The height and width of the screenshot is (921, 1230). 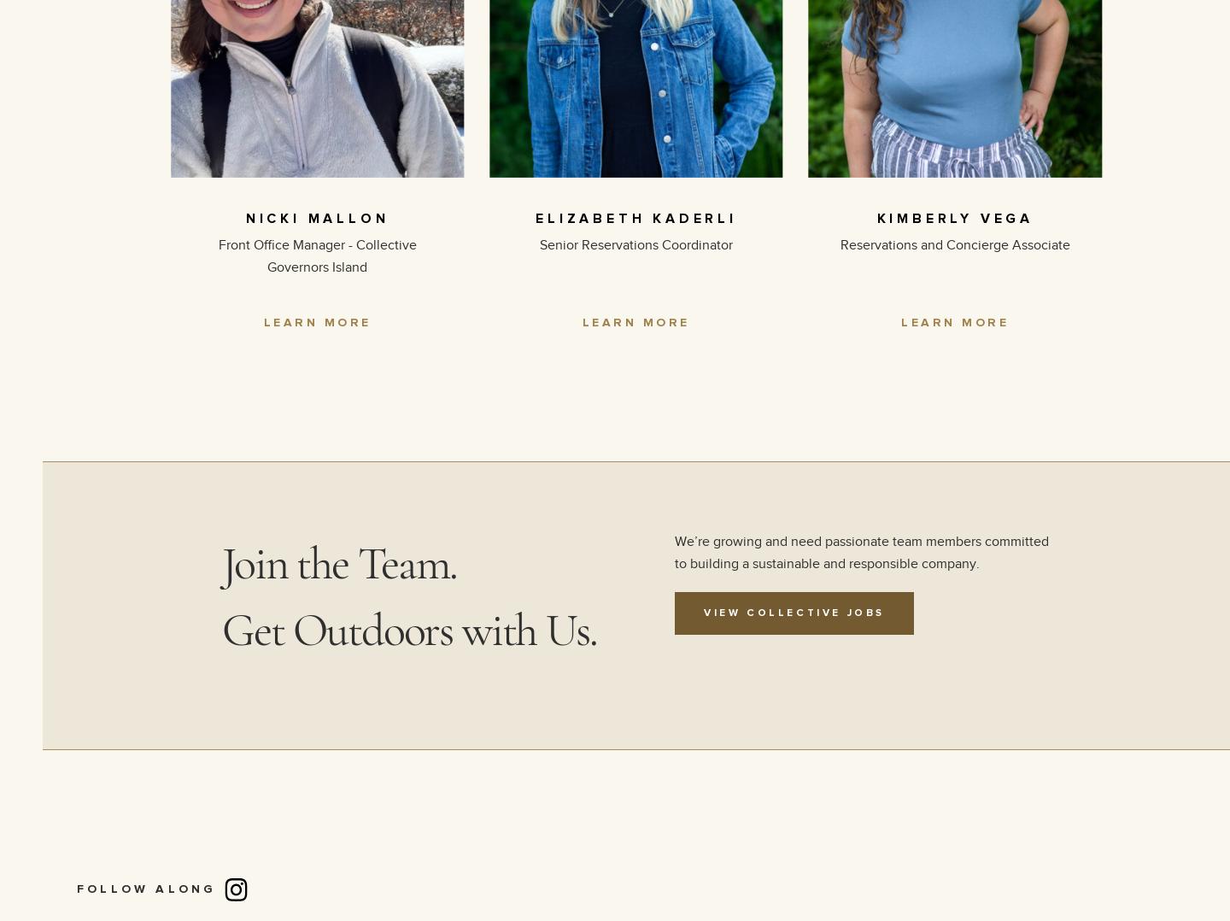 I want to click on 'View Collective Jobs', so click(x=794, y=611).